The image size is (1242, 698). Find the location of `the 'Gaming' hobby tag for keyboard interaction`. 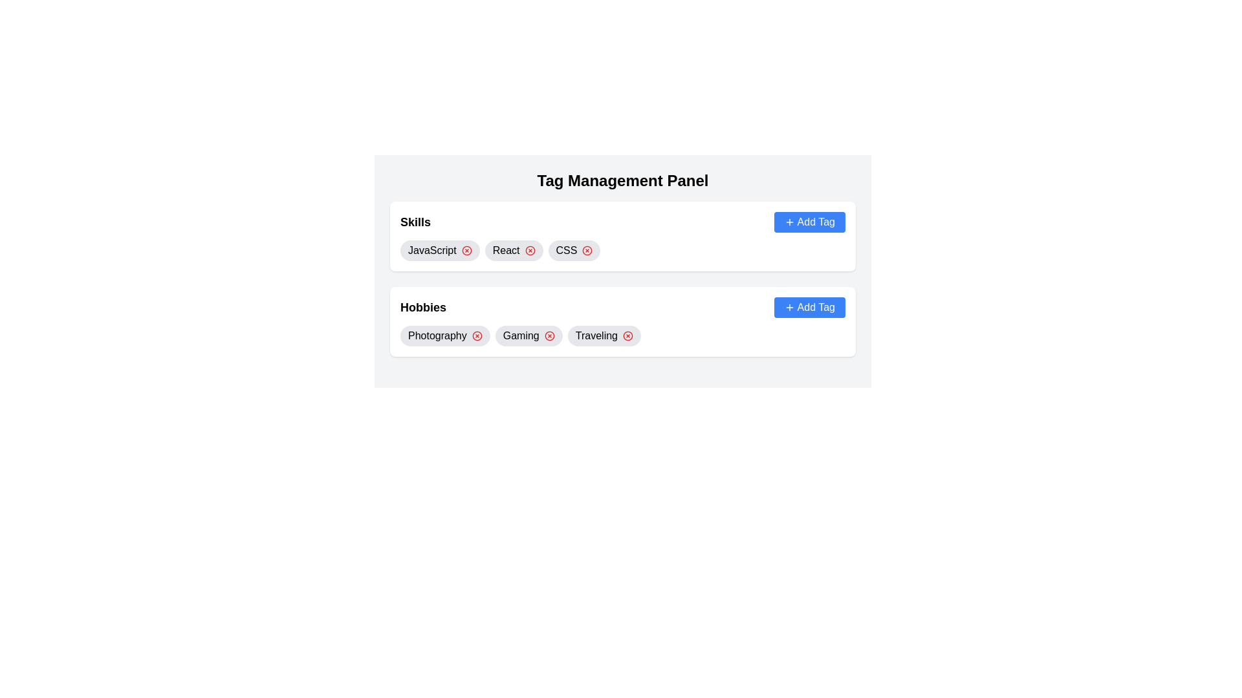

the 'Gaming' hobby tag for keyboard interaction is located at coordinates (528, 335).